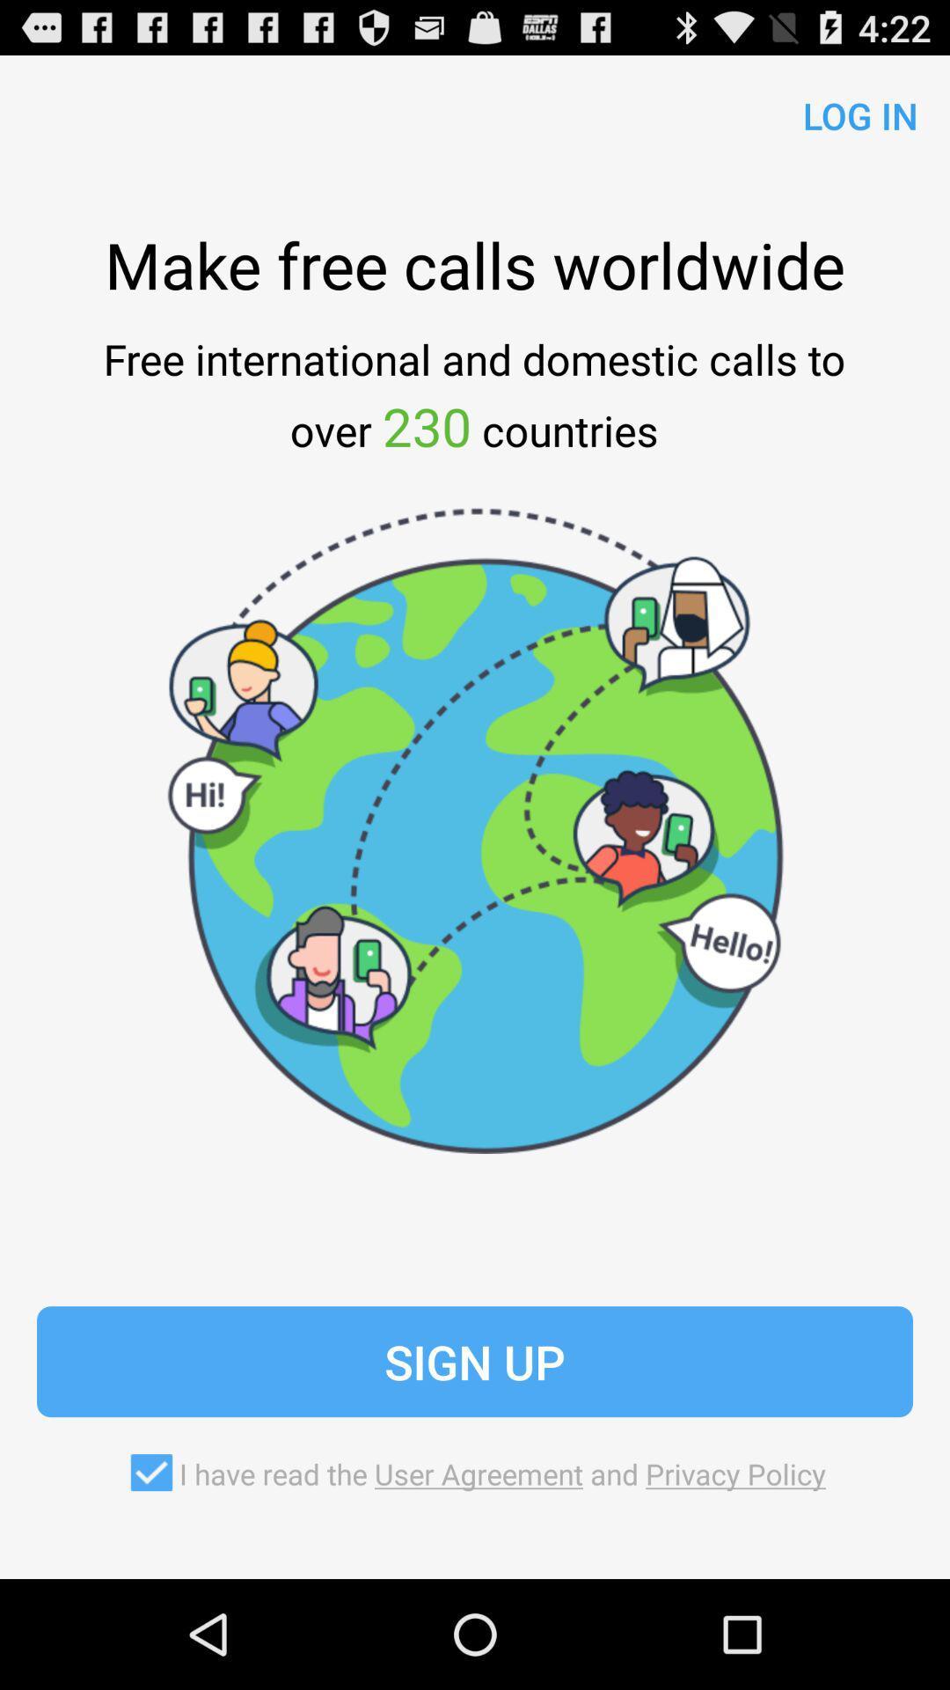  Describe the element at coordinates (475, 1361) in the screenshot. I see `the sign up item` at that location.